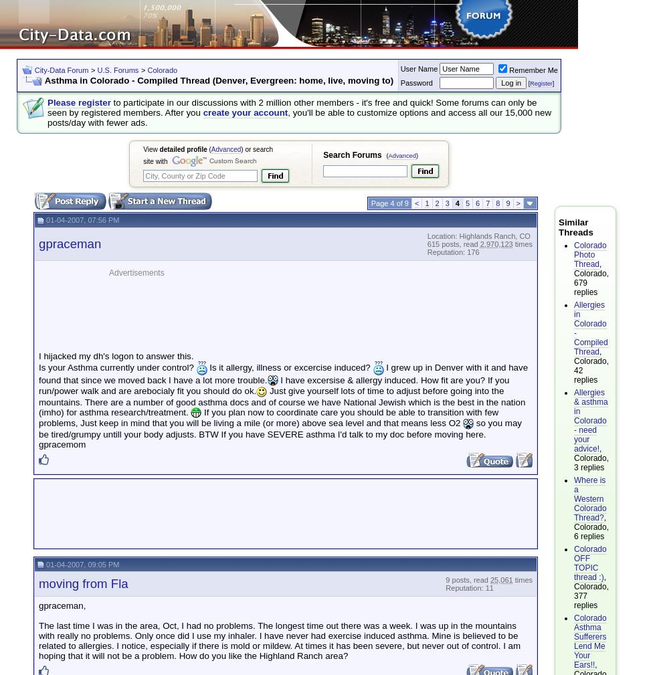  Describe the element at coordinates (252, 6) in the screenshot. I see `'X'` at that location.